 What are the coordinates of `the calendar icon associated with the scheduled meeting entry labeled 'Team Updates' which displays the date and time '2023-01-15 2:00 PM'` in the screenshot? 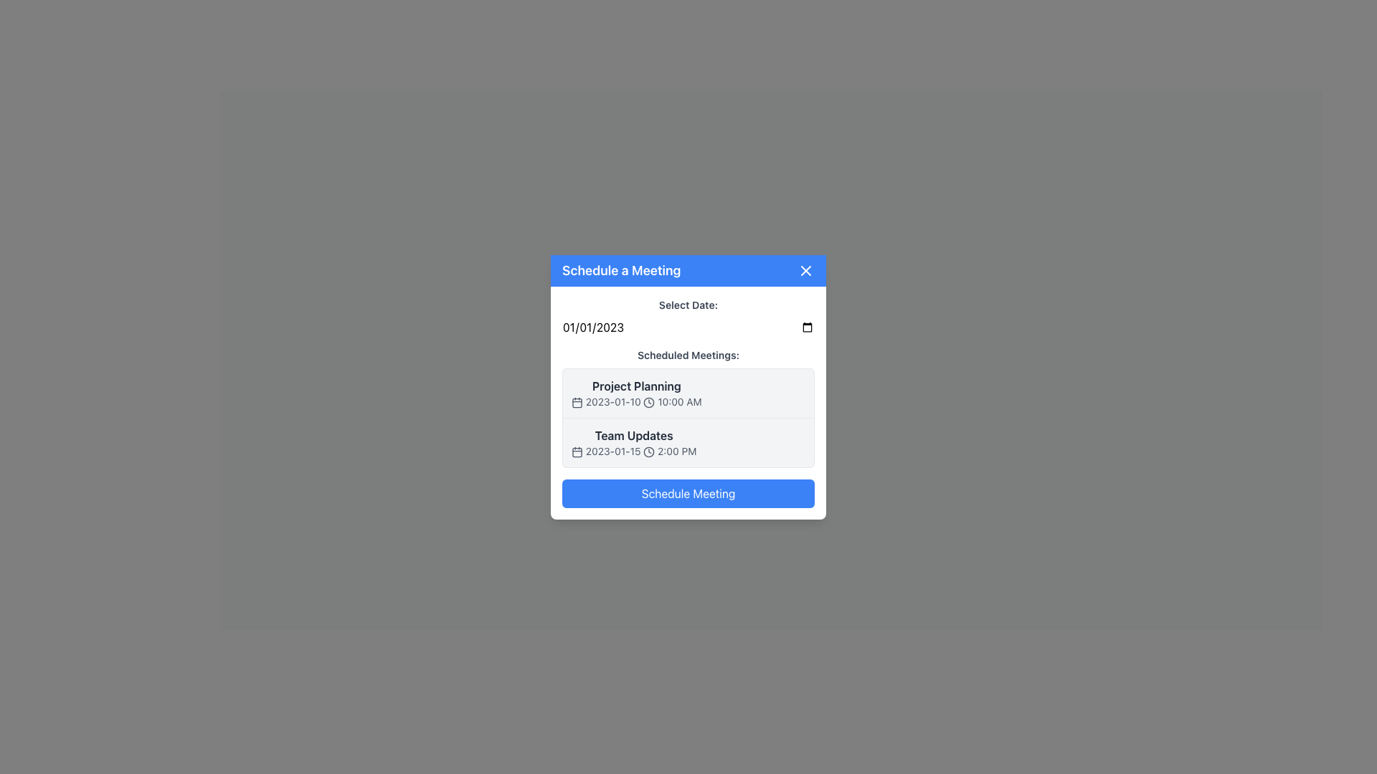 It's located at (633, 450).